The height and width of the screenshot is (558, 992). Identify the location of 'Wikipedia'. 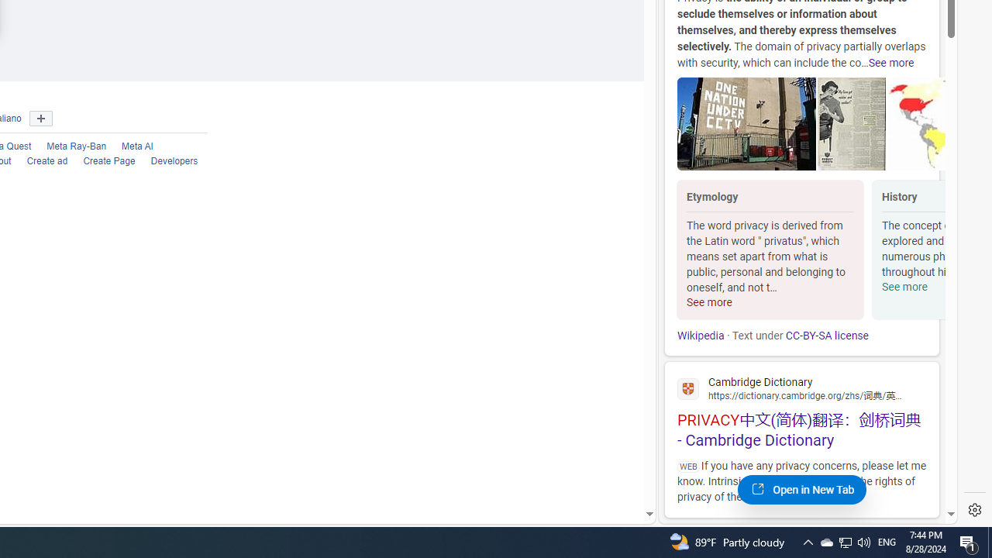
(700, 335).